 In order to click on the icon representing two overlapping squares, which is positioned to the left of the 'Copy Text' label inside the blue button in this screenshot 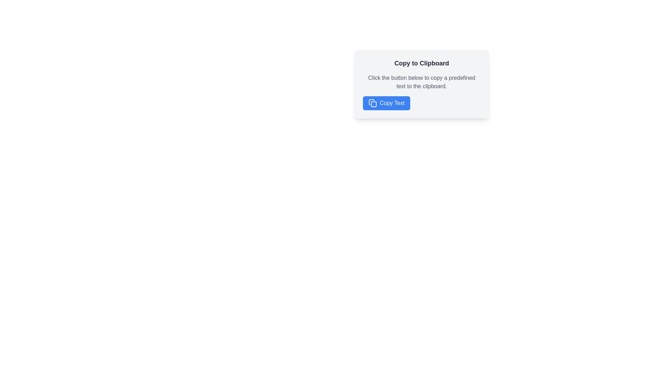, I will do `click(372, 103)`.